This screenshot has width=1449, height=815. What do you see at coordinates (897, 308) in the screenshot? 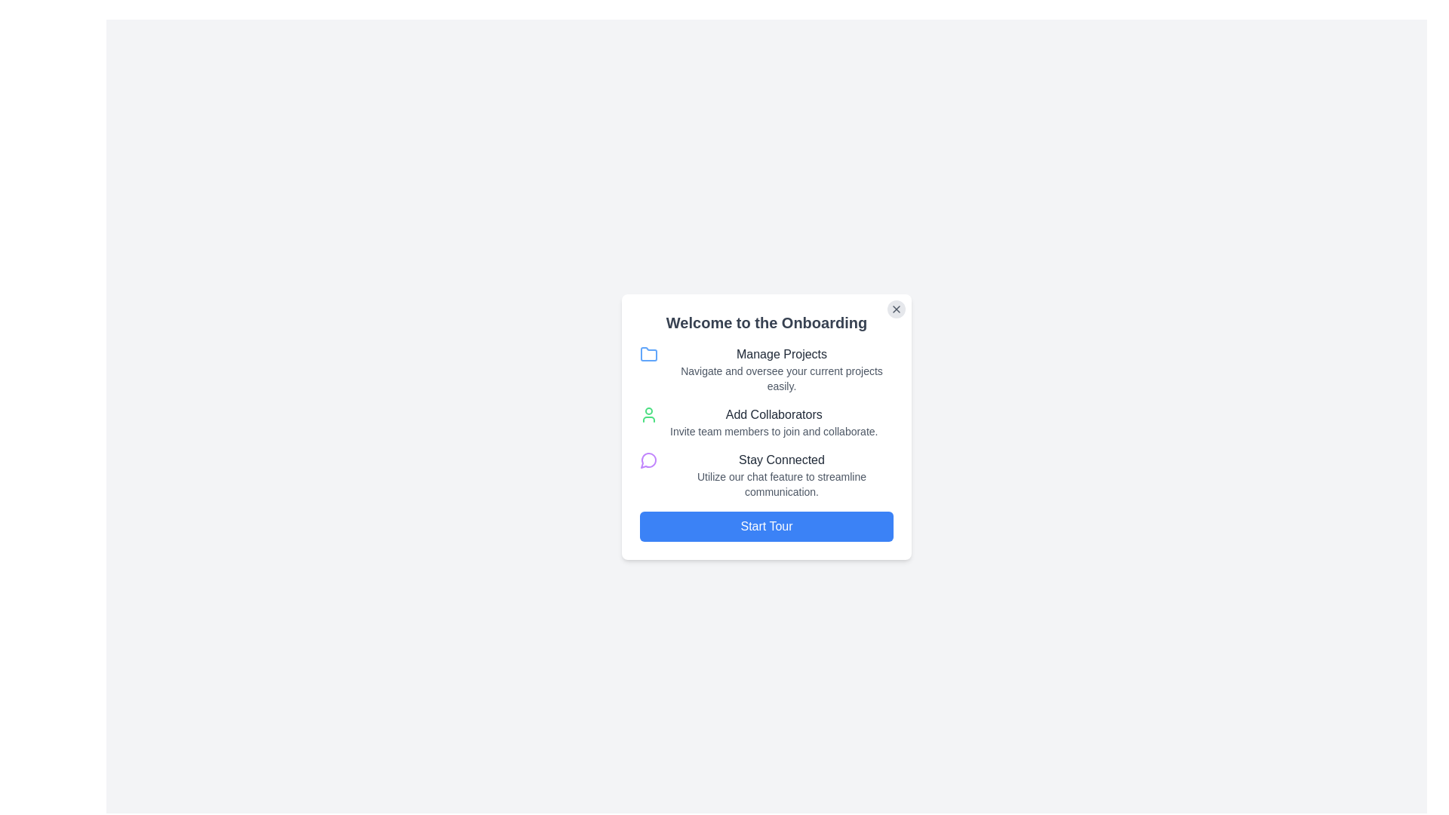
I see `the close icon button in the top-right corner of the modal box` at bounding box center [897, 308].